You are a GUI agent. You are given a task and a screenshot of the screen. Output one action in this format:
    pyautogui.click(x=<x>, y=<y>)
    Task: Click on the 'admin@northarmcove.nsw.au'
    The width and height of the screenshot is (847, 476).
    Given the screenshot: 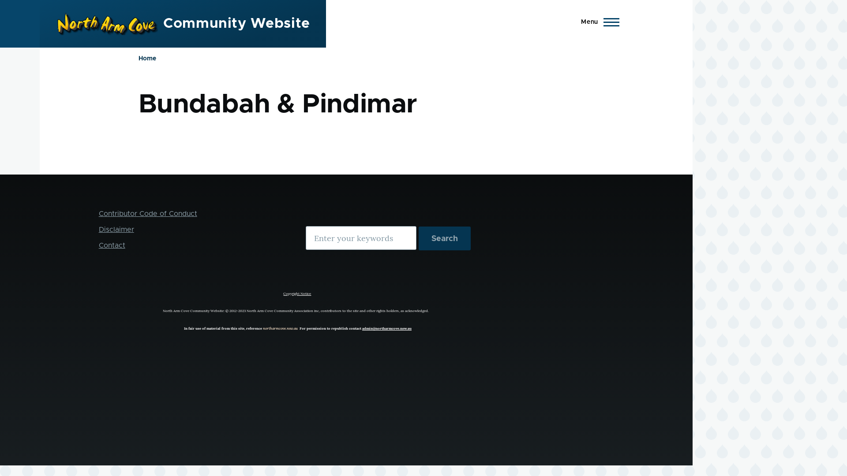 What is the action you would take?
    pyautogui.click(x=387, y=328)
    